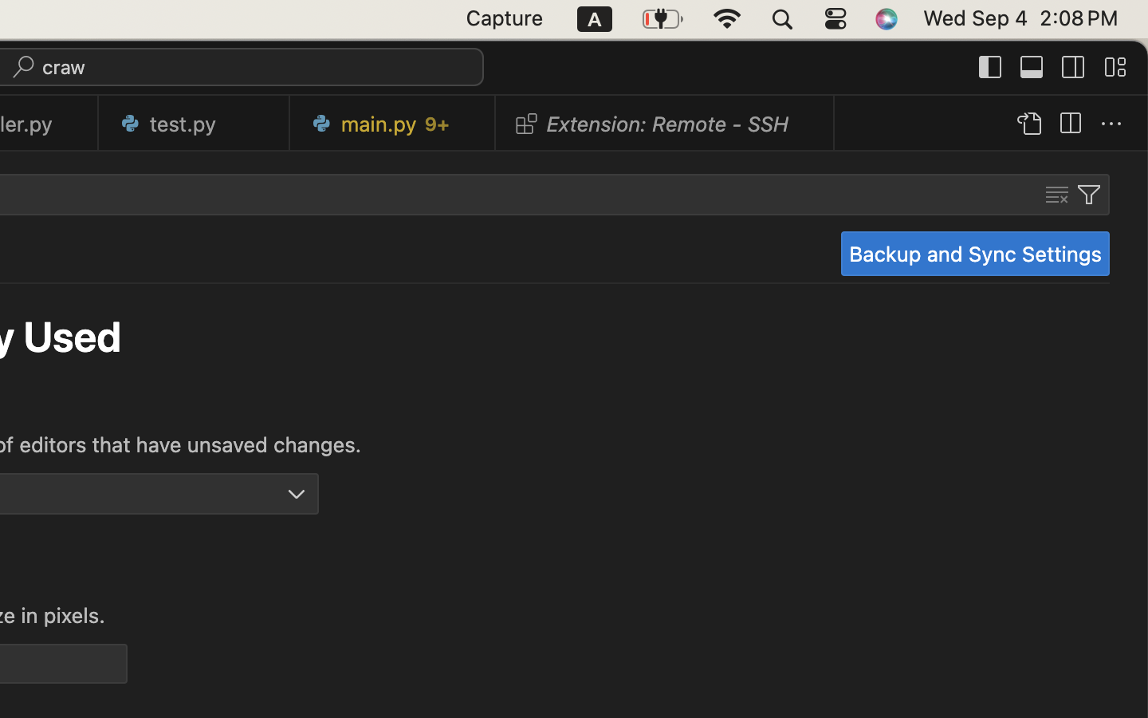  I want to click on '', so click(1068, 124).